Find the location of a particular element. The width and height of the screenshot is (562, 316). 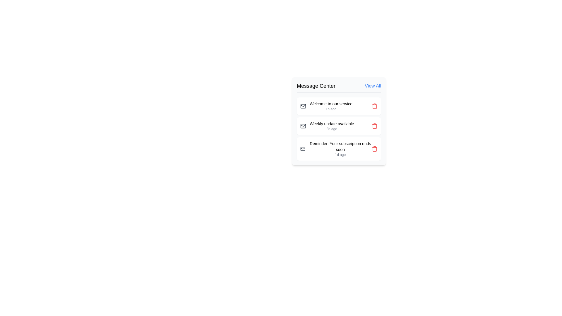

the 'Weekly update available' text label in the 'Message Center' panel, which is located below 'Welcome to our service' and above 'Reminder: Your subscription ends soon' is located at coordinates (332, 123).